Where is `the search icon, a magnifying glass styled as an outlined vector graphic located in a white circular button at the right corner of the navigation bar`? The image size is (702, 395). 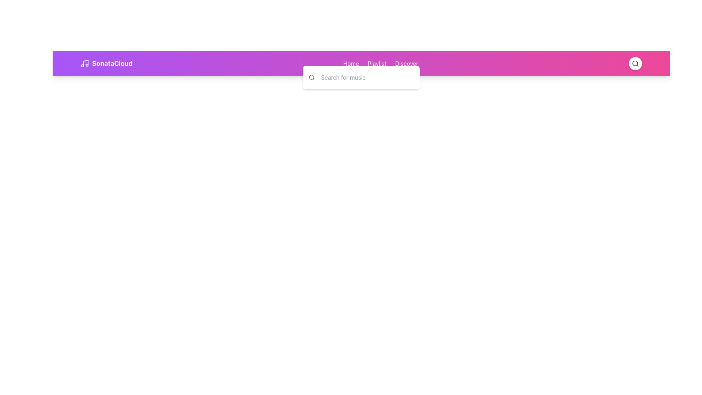 the search icon, a magnifying glass styled as an outlined vector graphic located in a white circular button at the right corner of the navigation bar is located at coordinates (635, 63).